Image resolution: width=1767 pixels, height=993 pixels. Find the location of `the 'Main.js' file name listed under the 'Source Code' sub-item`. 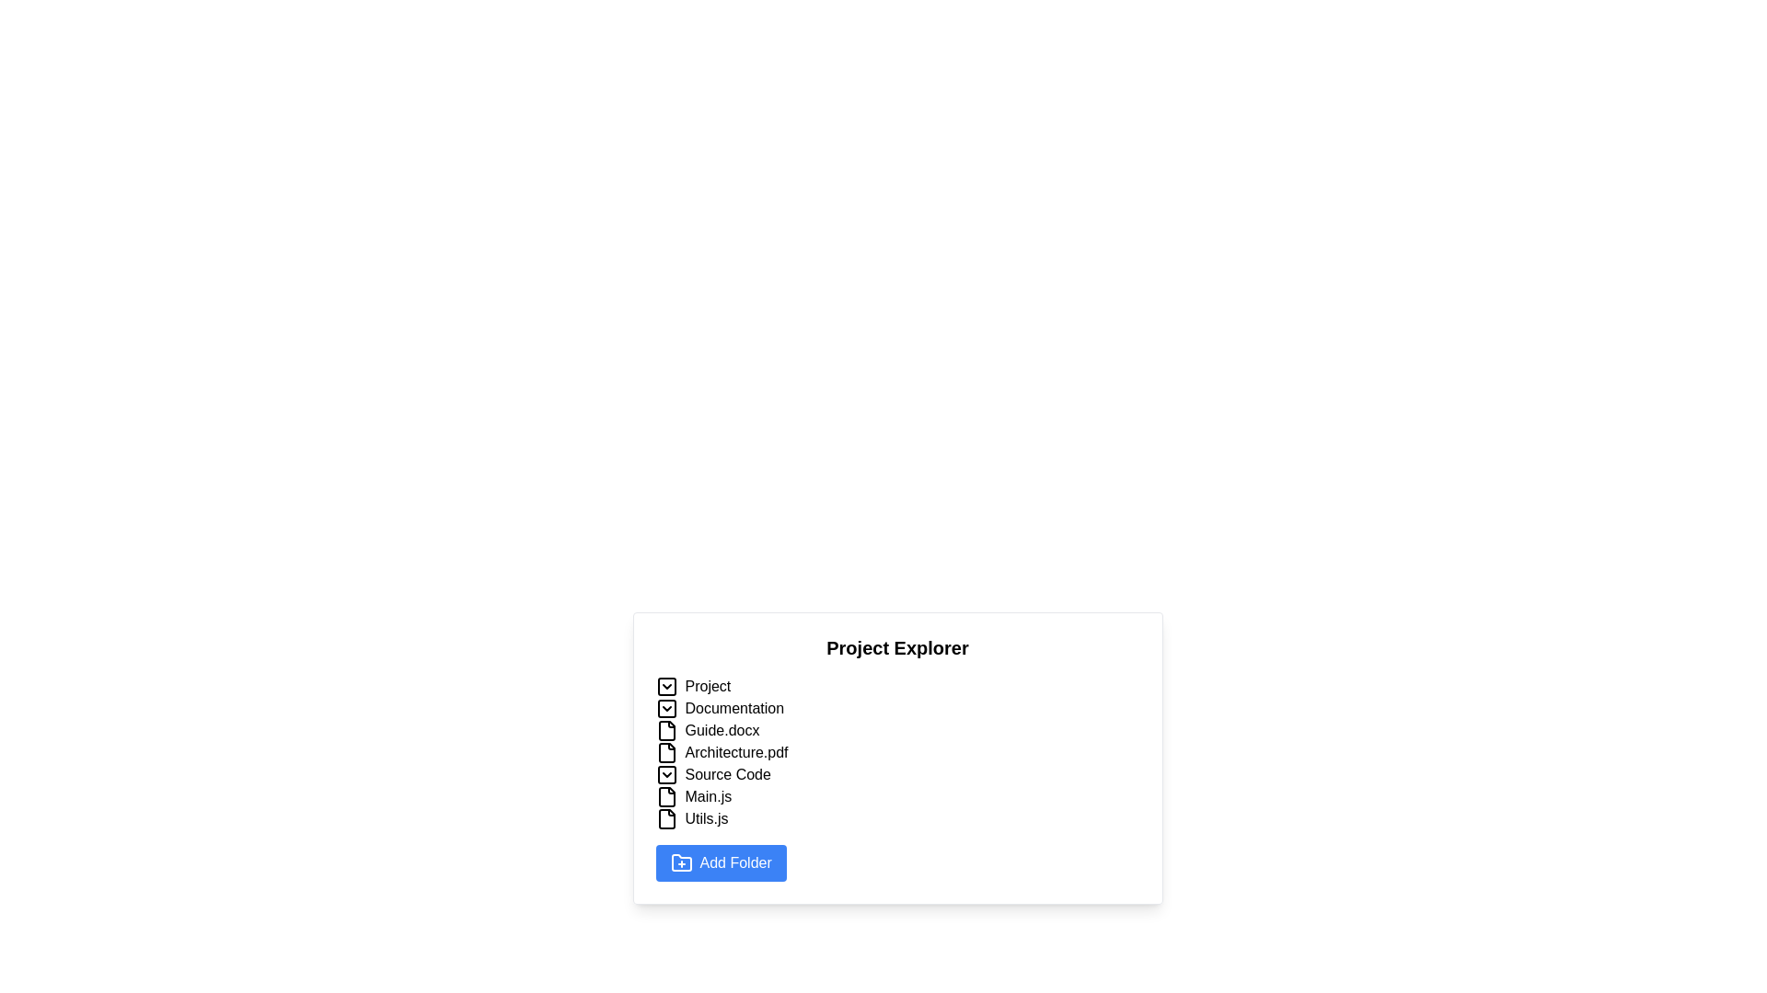

the 'Main.js' file name listed under the 'Source Code' sub-item is located at coordinates (707, 796).